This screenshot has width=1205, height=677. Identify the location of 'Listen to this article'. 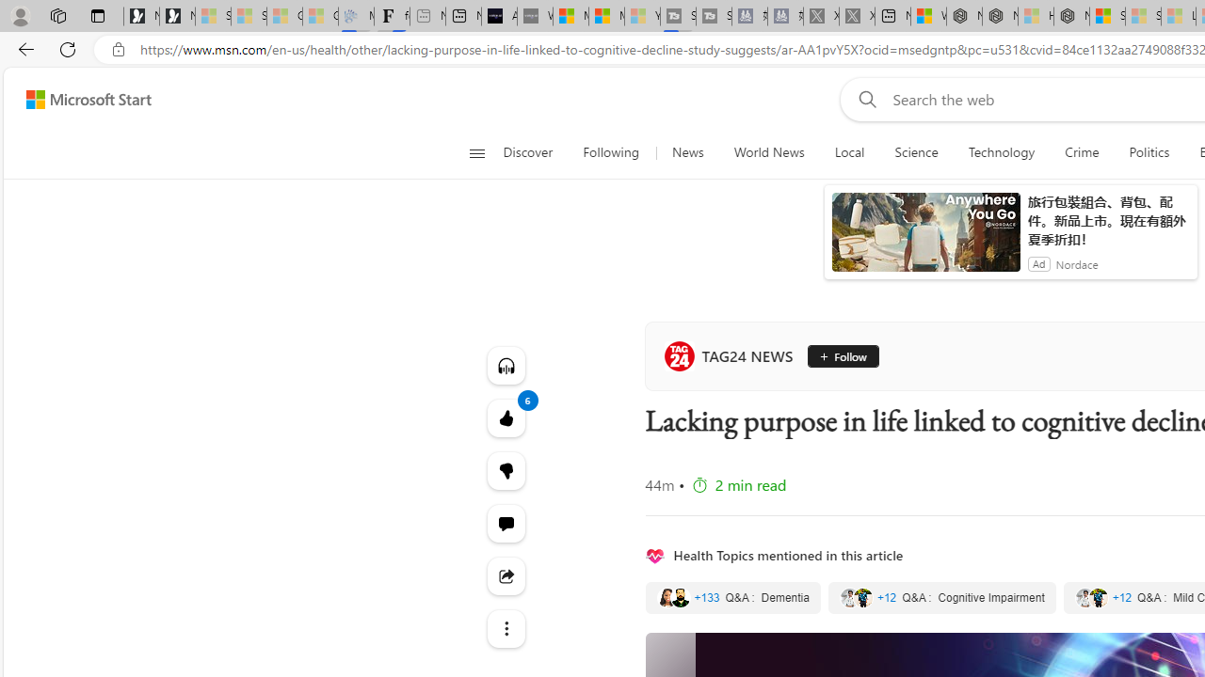
(506, 365).